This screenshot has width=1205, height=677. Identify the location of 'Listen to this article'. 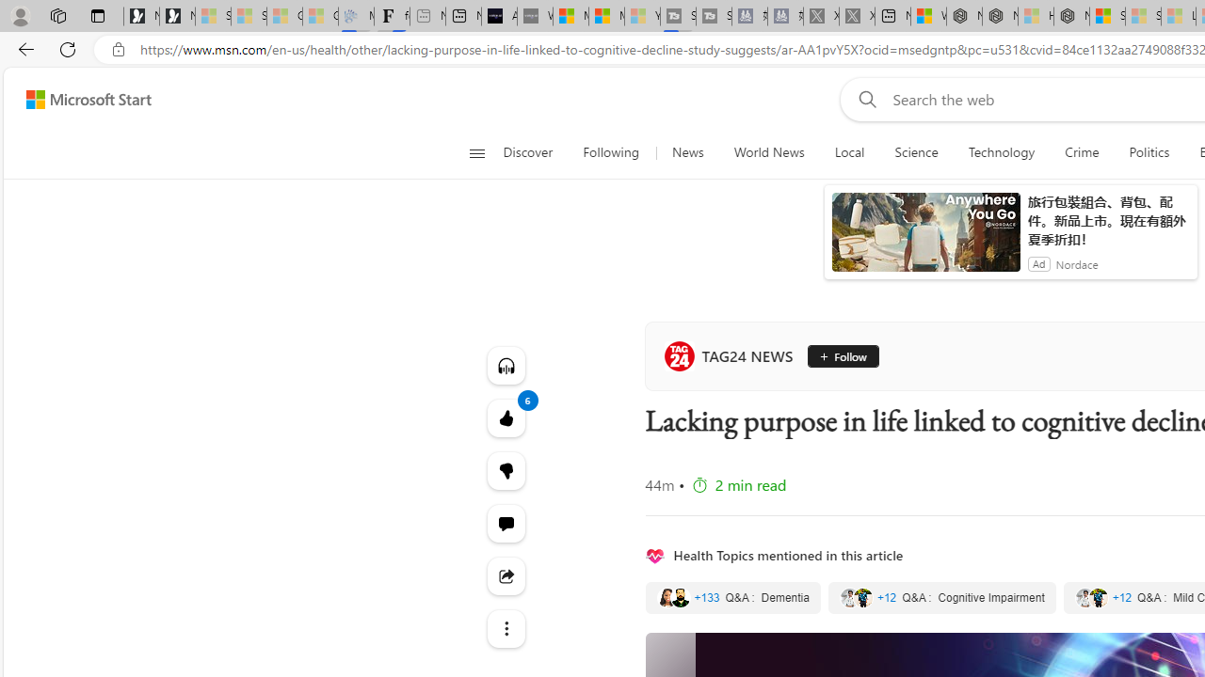
(506, 365).